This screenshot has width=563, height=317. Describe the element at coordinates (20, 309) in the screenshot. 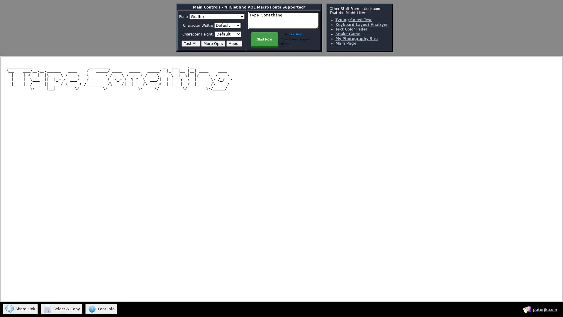

I see `Share Link` at that location.